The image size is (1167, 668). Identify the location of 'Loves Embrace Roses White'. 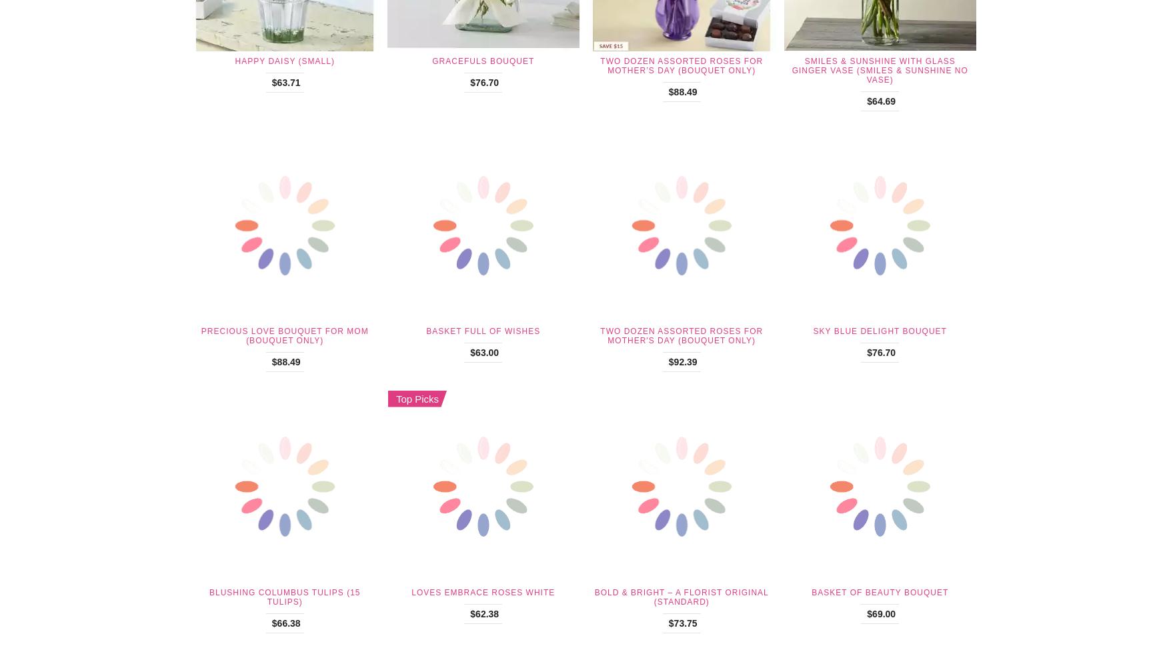
(411, 591).